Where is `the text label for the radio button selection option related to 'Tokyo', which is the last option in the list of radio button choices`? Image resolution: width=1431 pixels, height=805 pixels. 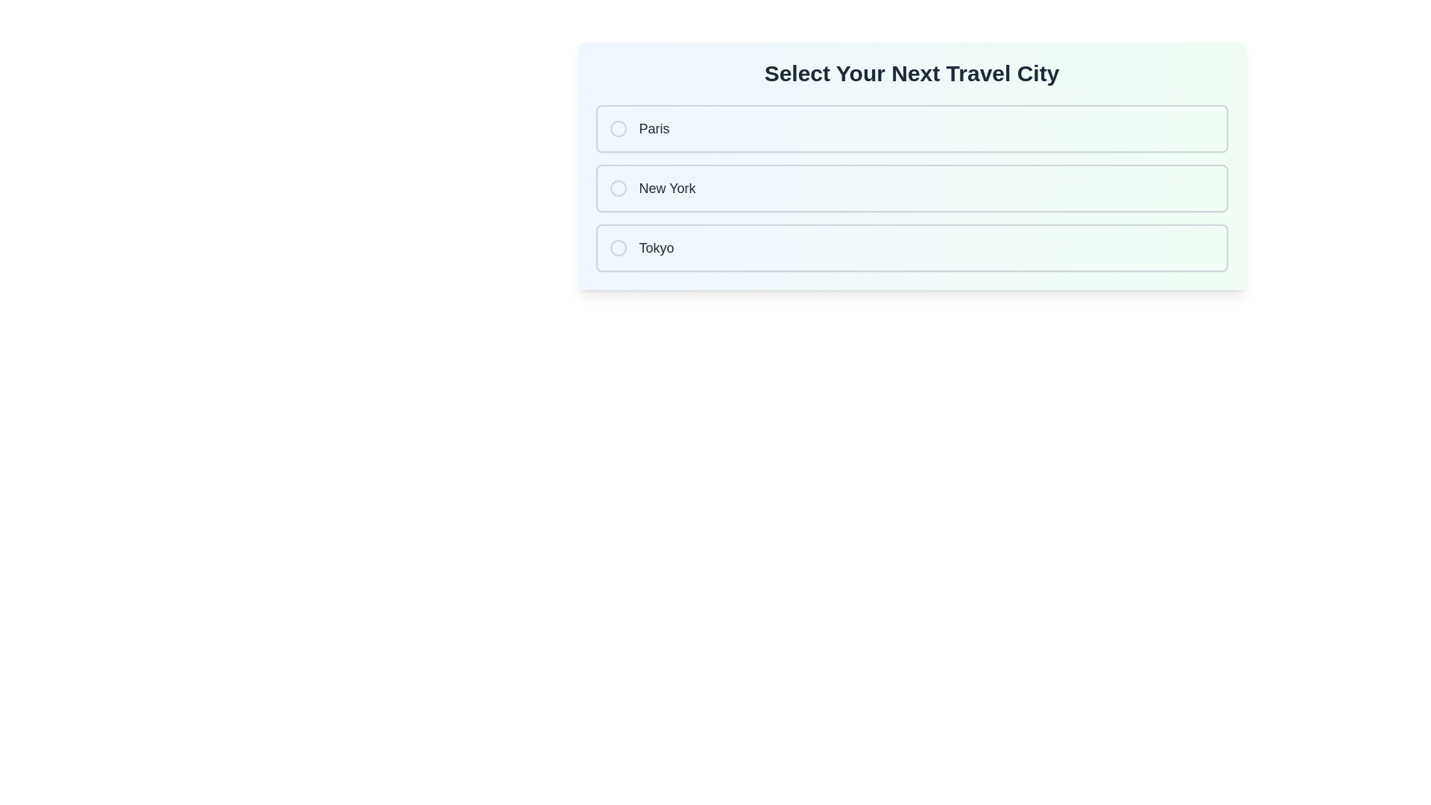 the text label for the radio button selection option related to 'Tokyo', which is the last option in the list of radio button choices is located at coordinates (656, 247).